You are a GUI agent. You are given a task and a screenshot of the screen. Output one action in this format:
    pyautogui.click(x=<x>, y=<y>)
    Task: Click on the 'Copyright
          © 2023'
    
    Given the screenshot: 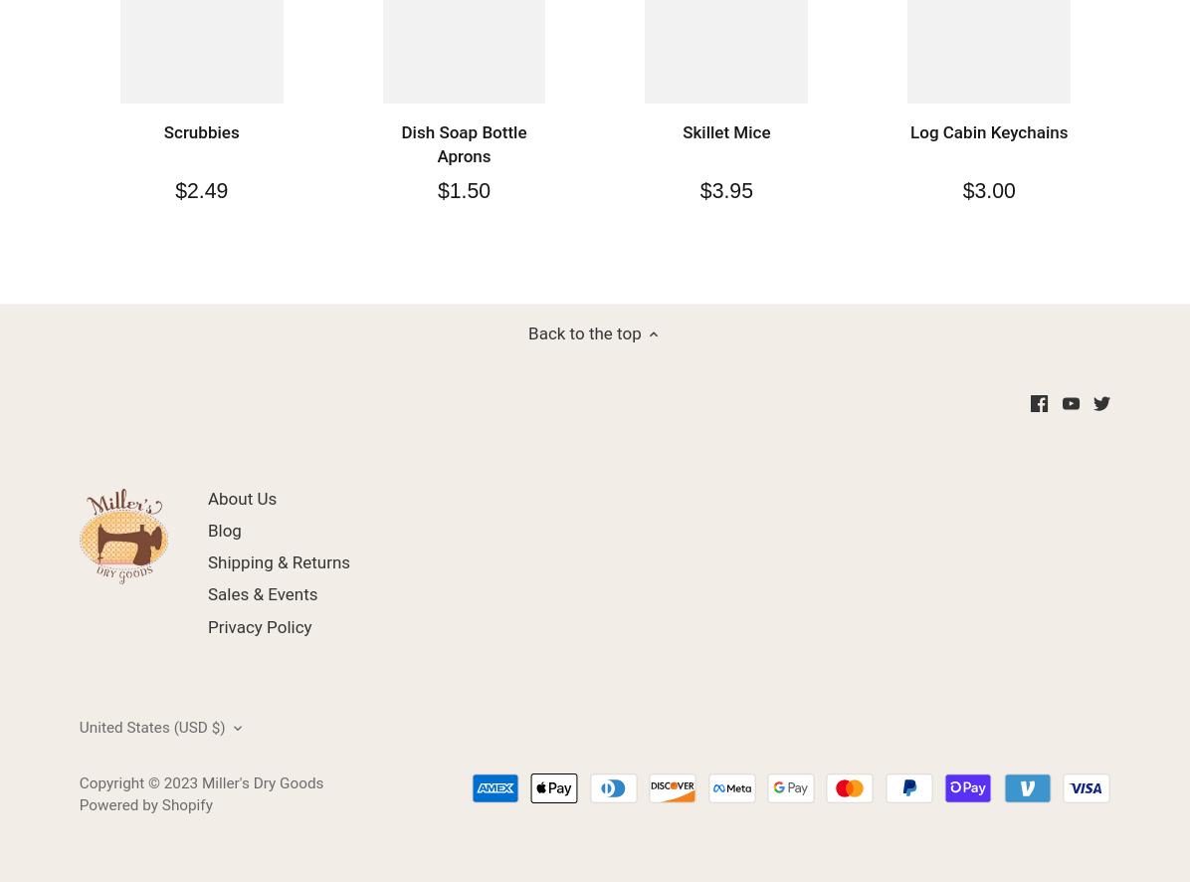 What is the action you would take?
    pyautogui.click(x=138, y=782)
    